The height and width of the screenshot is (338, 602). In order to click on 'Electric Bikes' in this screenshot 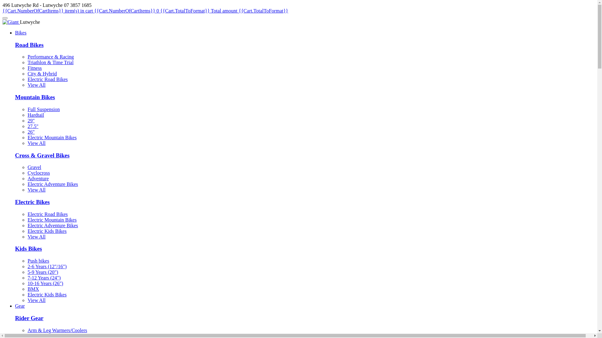, I will do `click(15, 202)`.